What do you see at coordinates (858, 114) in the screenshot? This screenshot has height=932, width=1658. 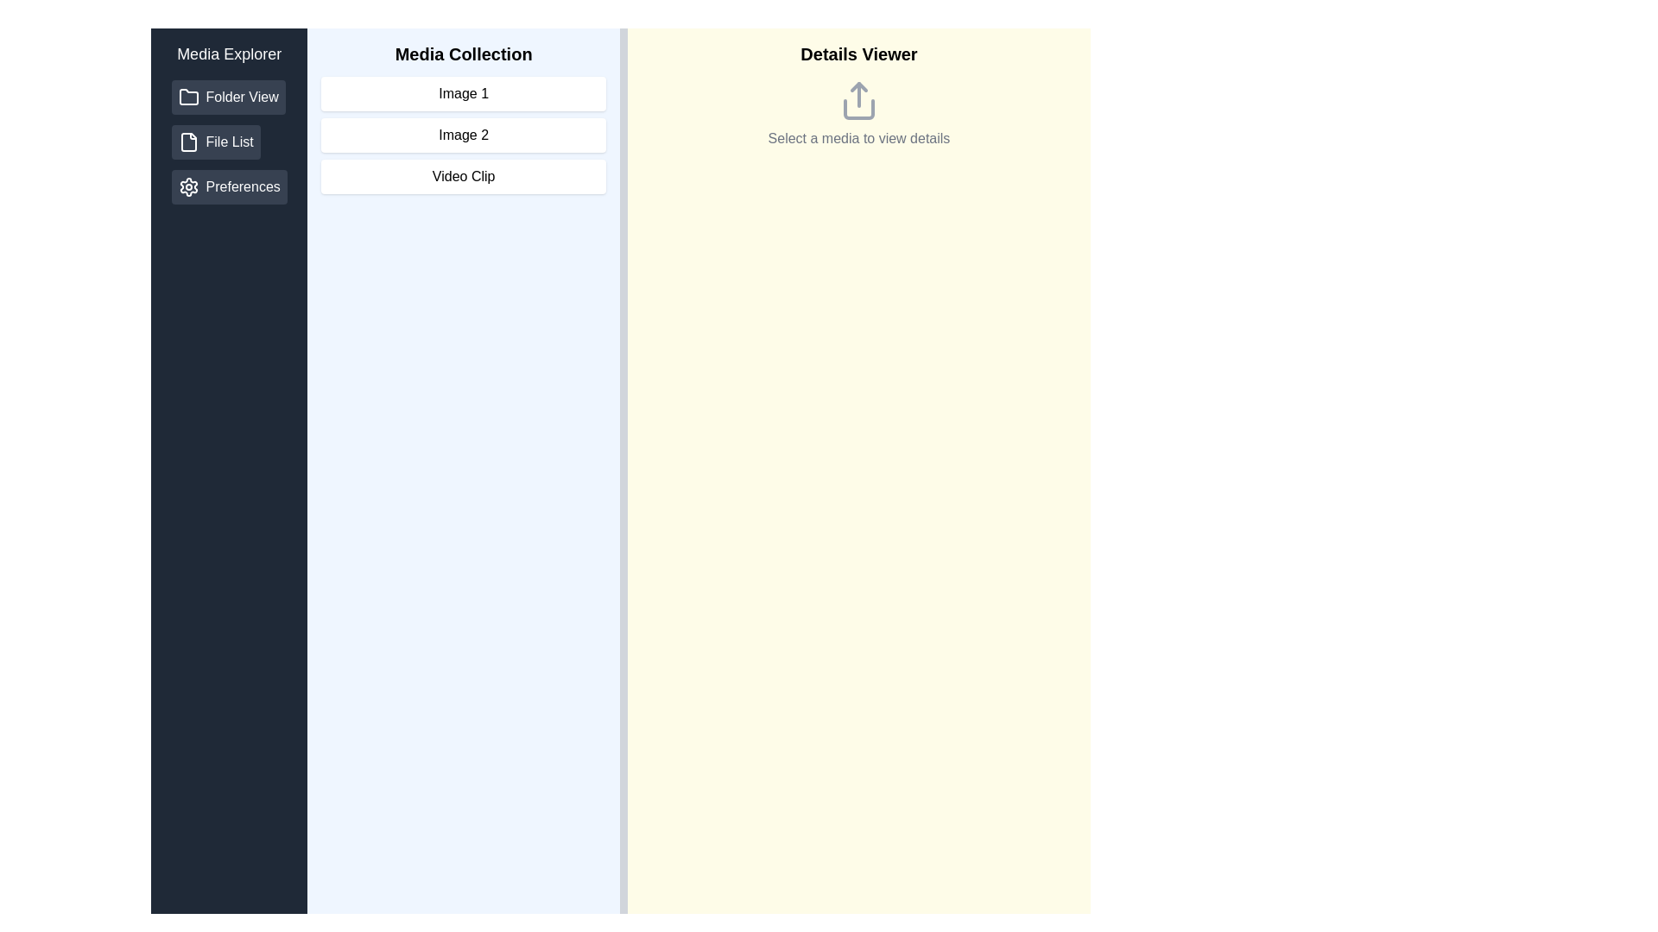 I see `the decorative icon and instruction text element that indicates to 'Select a media` at bounding box center [858, 114].